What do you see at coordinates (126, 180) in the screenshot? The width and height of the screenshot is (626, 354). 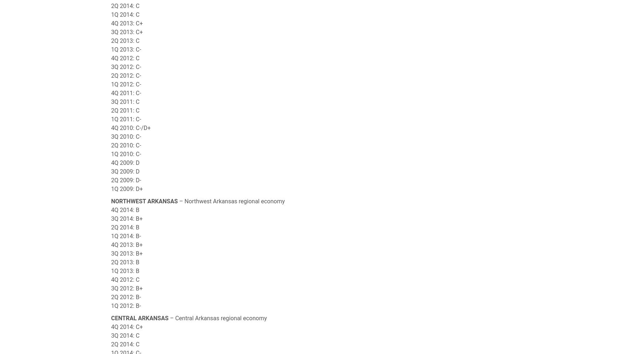 I see `'2Q 2009: D-'` at bounding box center [126, 180].